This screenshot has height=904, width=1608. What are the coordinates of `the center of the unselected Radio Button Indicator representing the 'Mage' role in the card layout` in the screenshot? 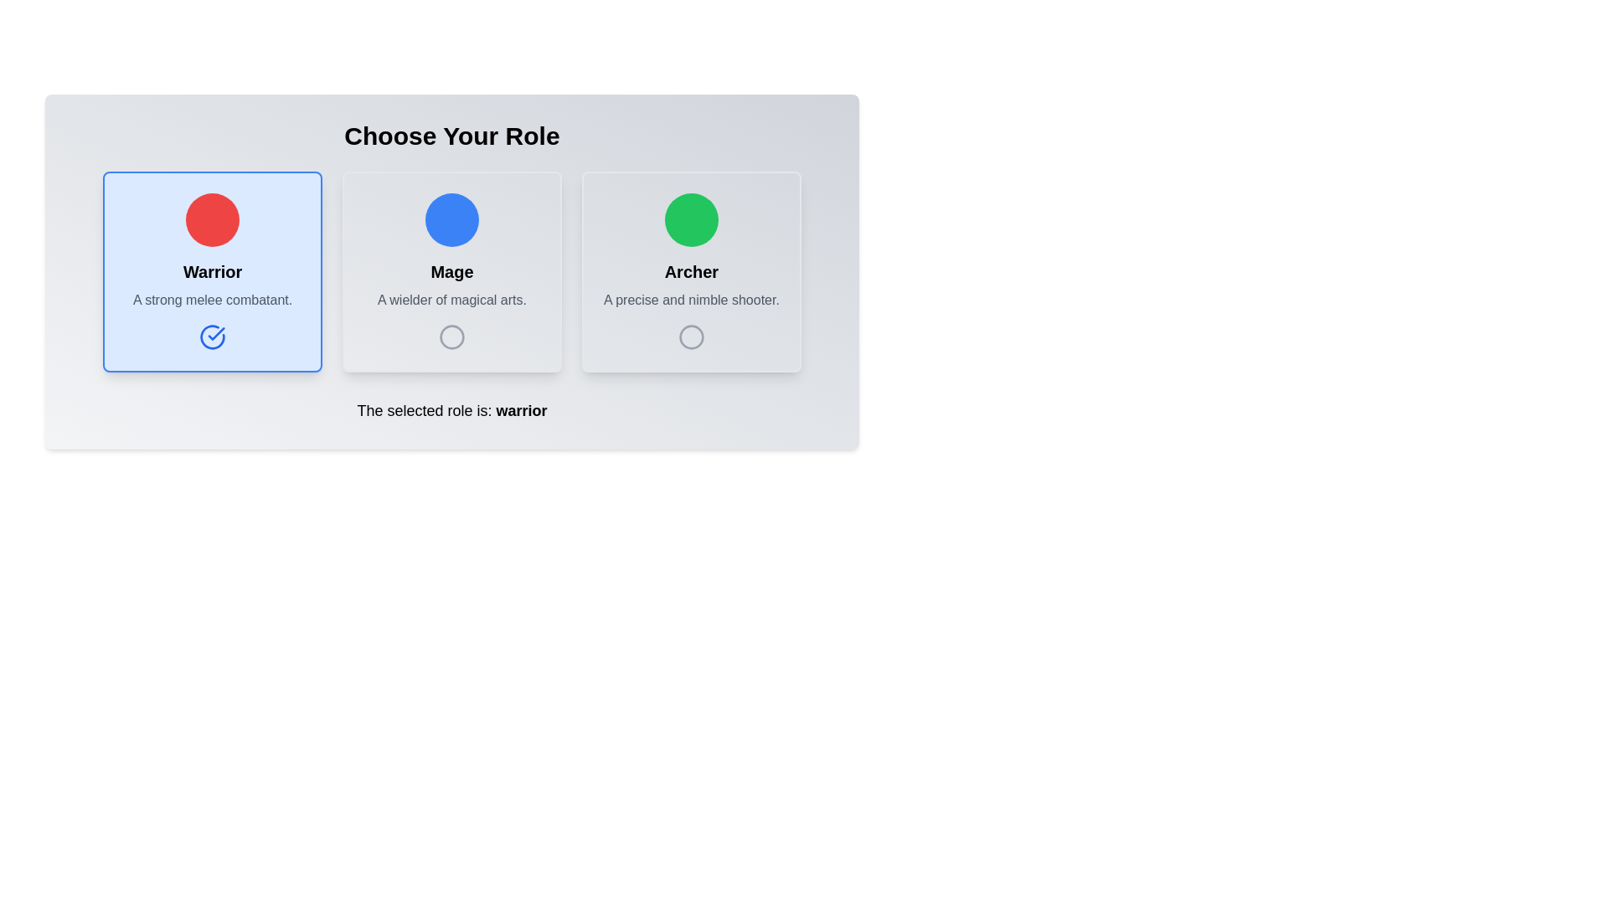 It's located at (451, 336).